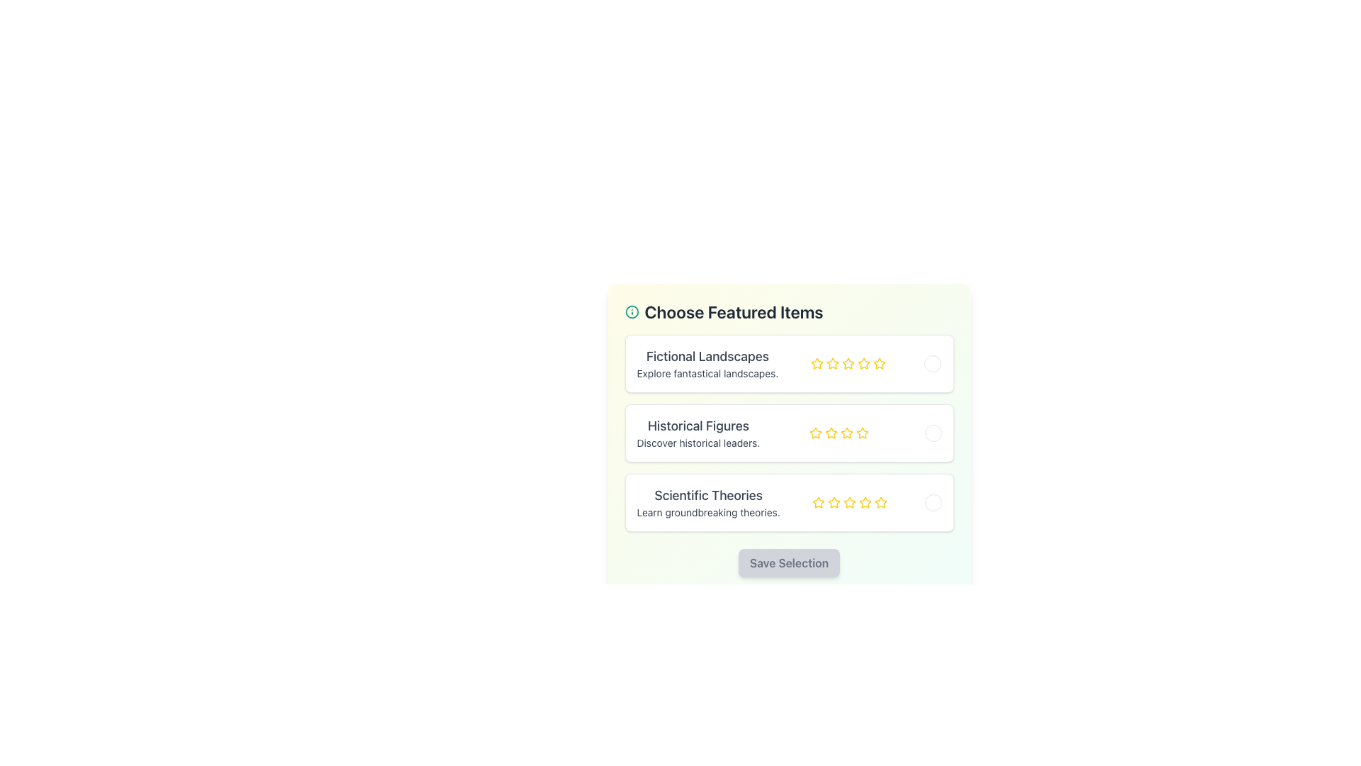 This screenshot has width=1361, height=766. I want to click on the fifth star icon in the rating system for the item labeled 'Fictional Landscapes' to give a five-star rating, so click(879, 362).